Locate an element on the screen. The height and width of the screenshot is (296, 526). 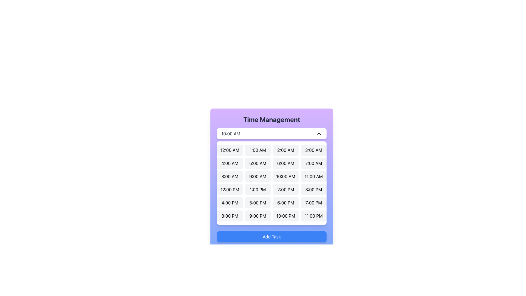
the Dropdown Toggle Button displaying '10:00 AM' is located at coordinates (272, 134).